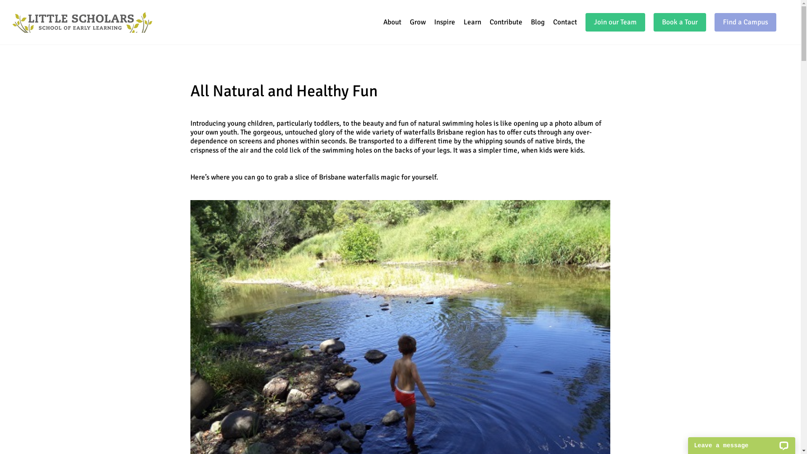 The height and width of the screenshot is (454, 807). What do you see at coordinates (615, 22) in the screenshot?
I see `'Join our Team'` at bounding box center [615, 22].